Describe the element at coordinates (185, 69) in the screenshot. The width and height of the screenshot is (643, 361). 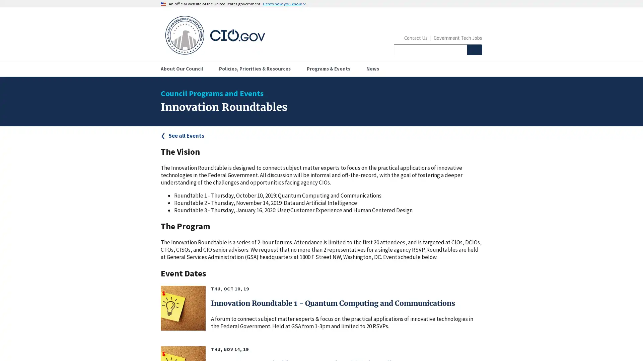
I see `About Our Council` at that location.